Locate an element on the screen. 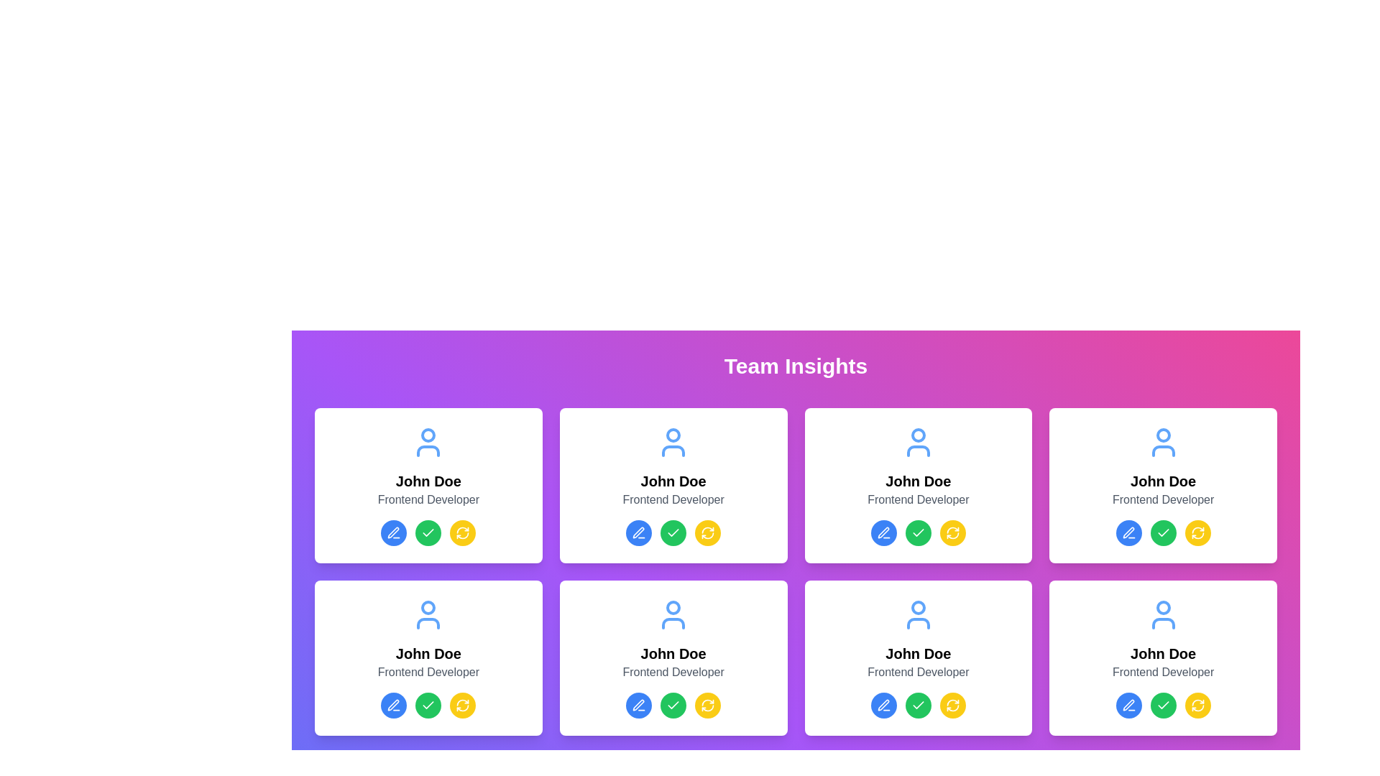 The height and width of the screenshot is (776, 1380). the middle circular confirmation button located in the lower section of the user card is located at coordinates (428, 705).